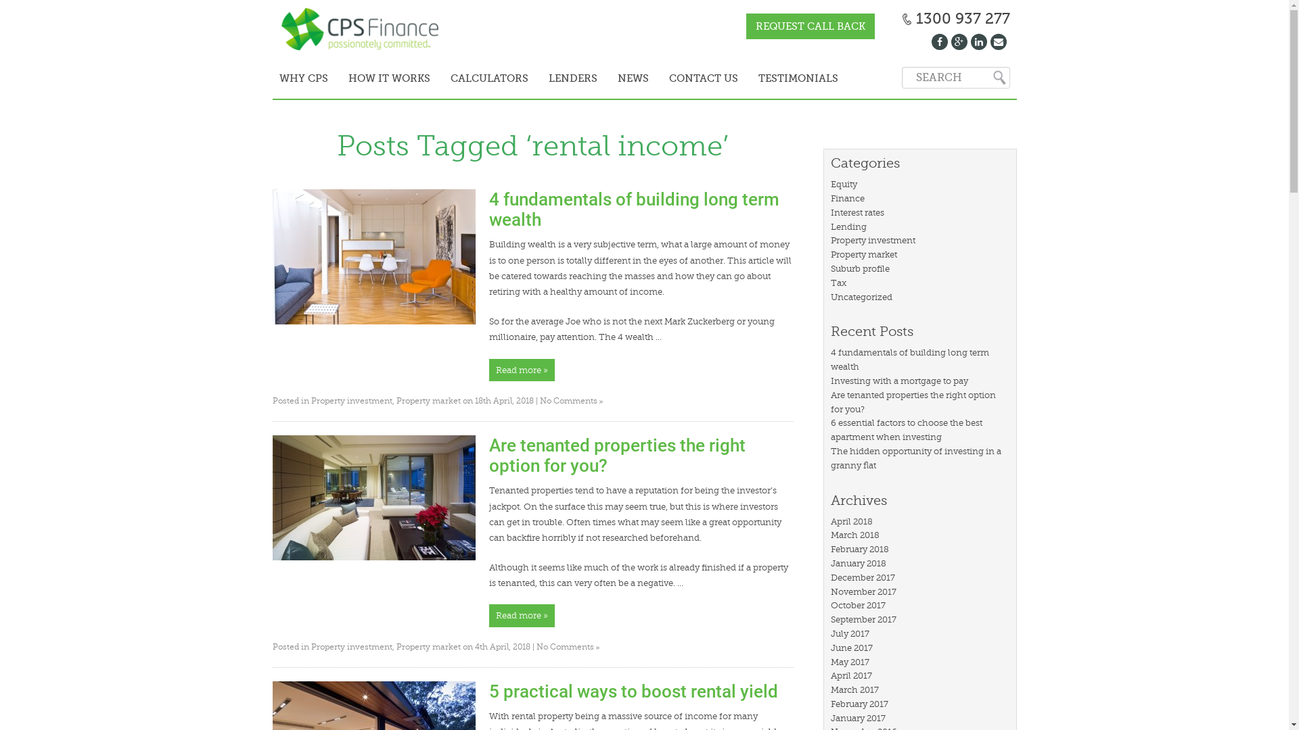 This screenshot has width=1299, height=730. Describe the element at coordinates (859, 549) in the screenshot. I see `'February 2018'` at that location.